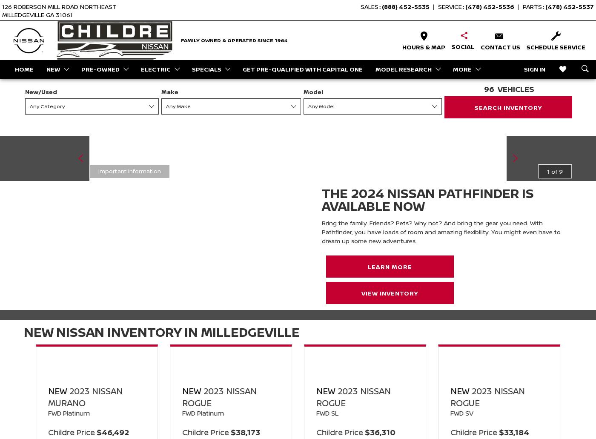 The width and height of the screenshot is (596, 439). I want to click on '$36,310', so click(379, 430).